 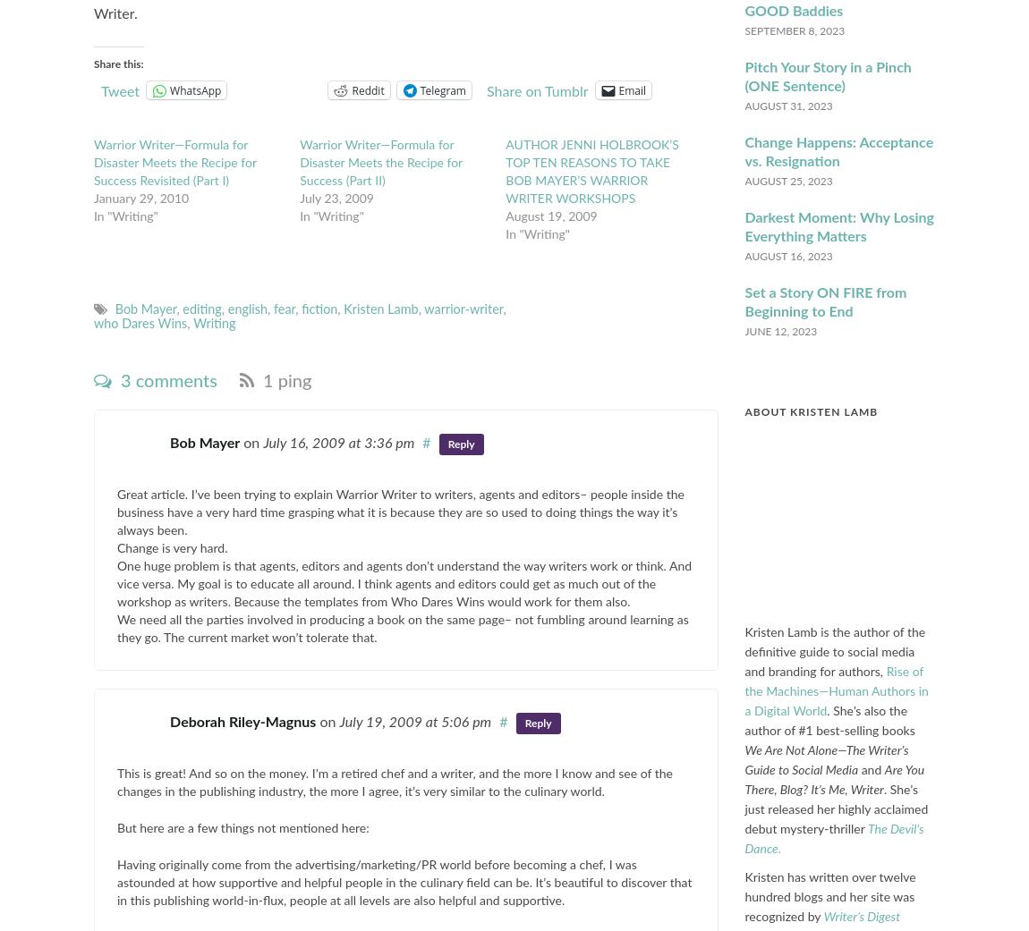 I want to click on 'We need all the parties involved in producing a book on the same page– not fumbling around learning as they go.  The current market won’t tolerate that.', so click(x=402, y=629).